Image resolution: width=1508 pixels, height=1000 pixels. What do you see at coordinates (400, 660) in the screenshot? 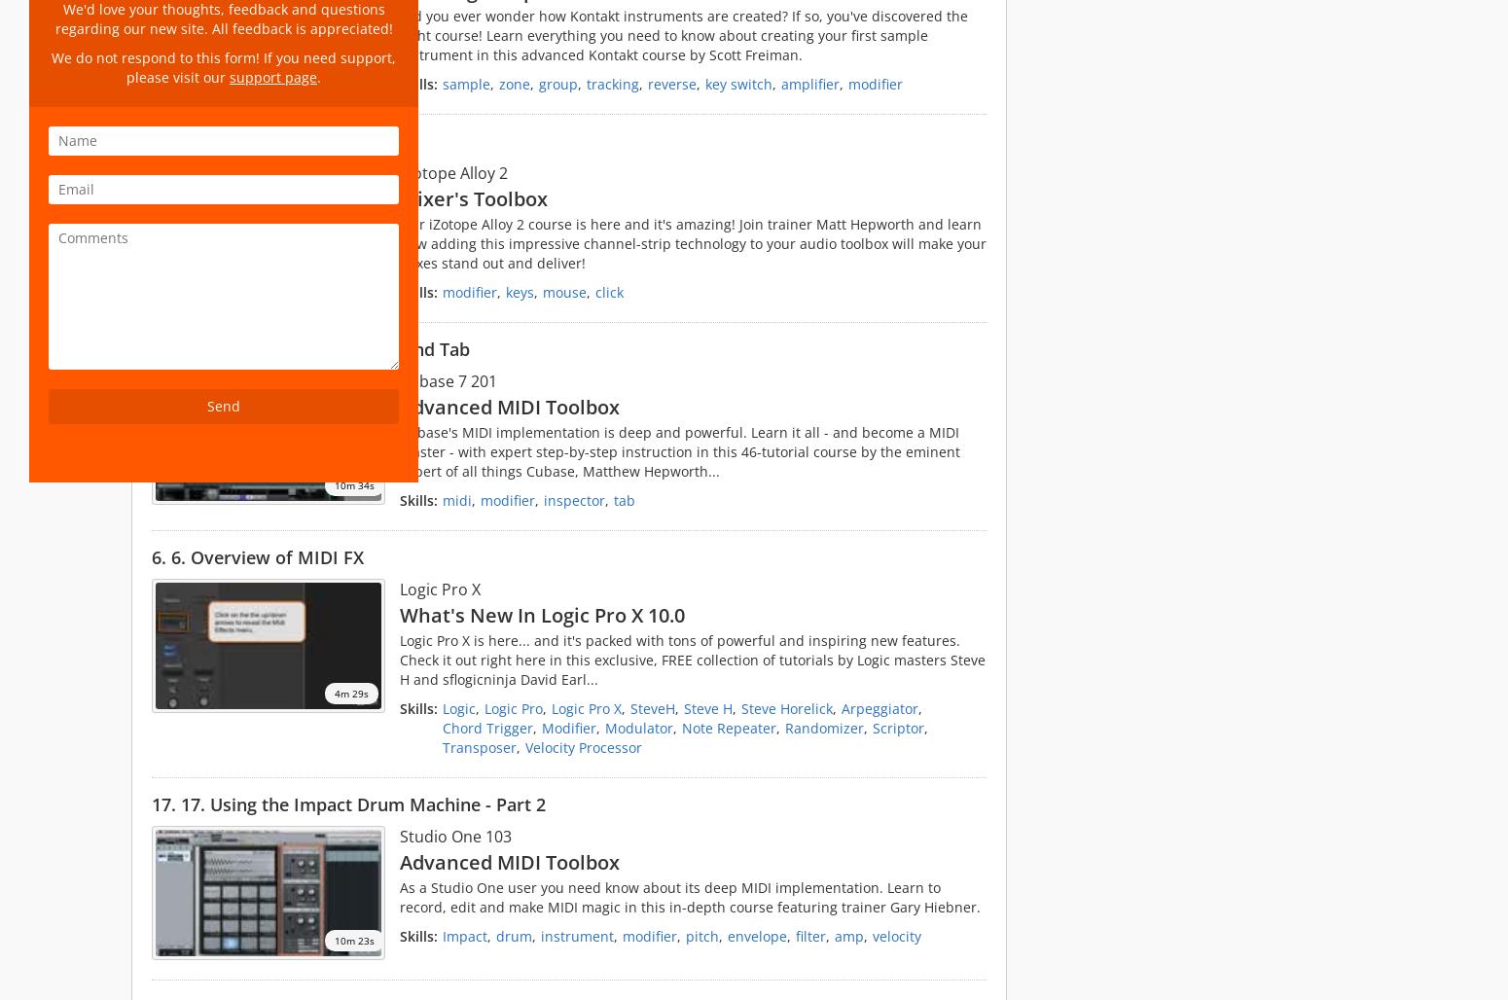
I see `'Logic Pro X is here... and it's packed with tons of powerful and inspiring new features. Check it out right here in this exclusive, FREE collection of tutorials by Logic masters Steve H and sflogicninja David Earl...'` at bounding box center [400, 660].